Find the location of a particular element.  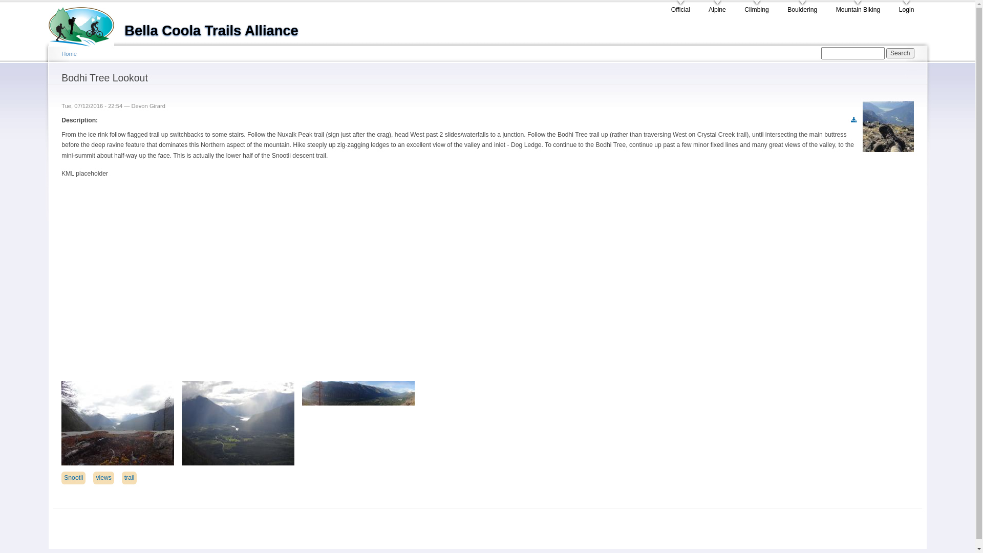

'views' is located at coordinates (103, 478).